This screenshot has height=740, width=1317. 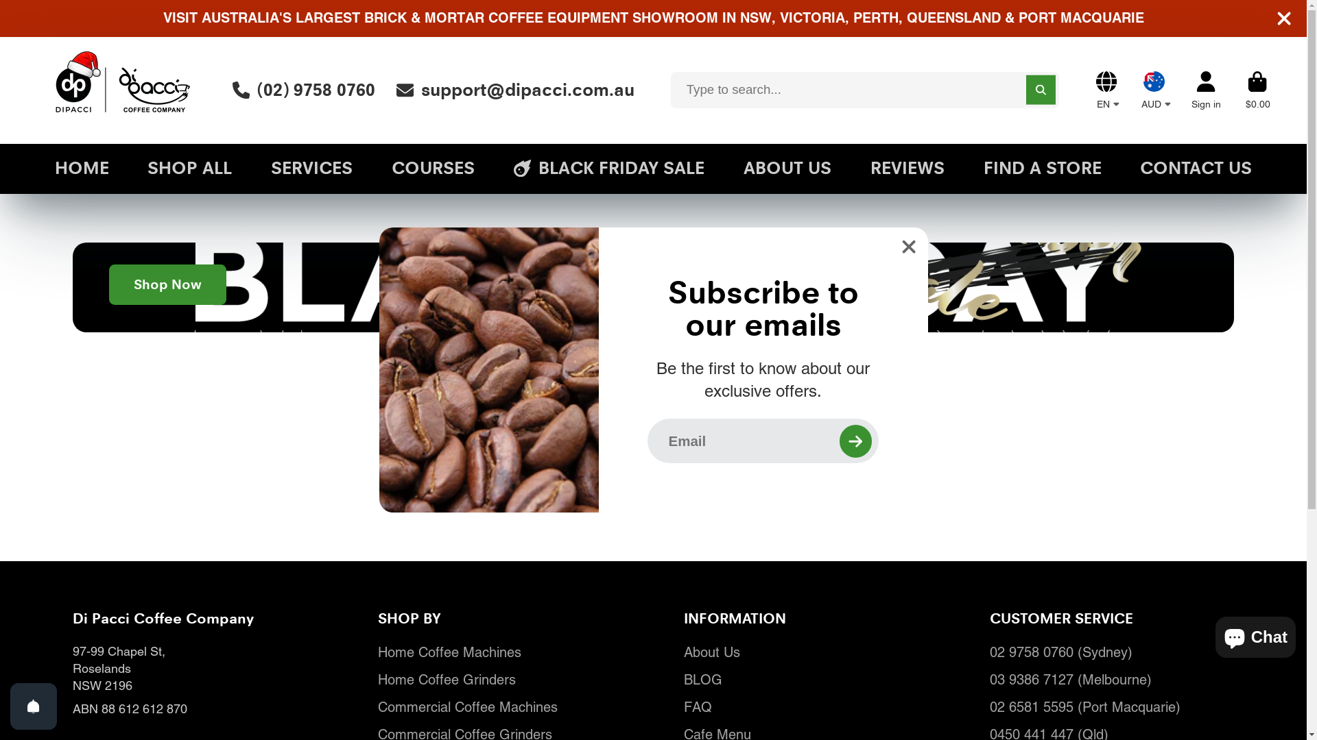 What do you see at coordinates (608, 167) in the screenshot?
I see `'BLACK FRIDAY SALE'` at bounding box center [608, 167].